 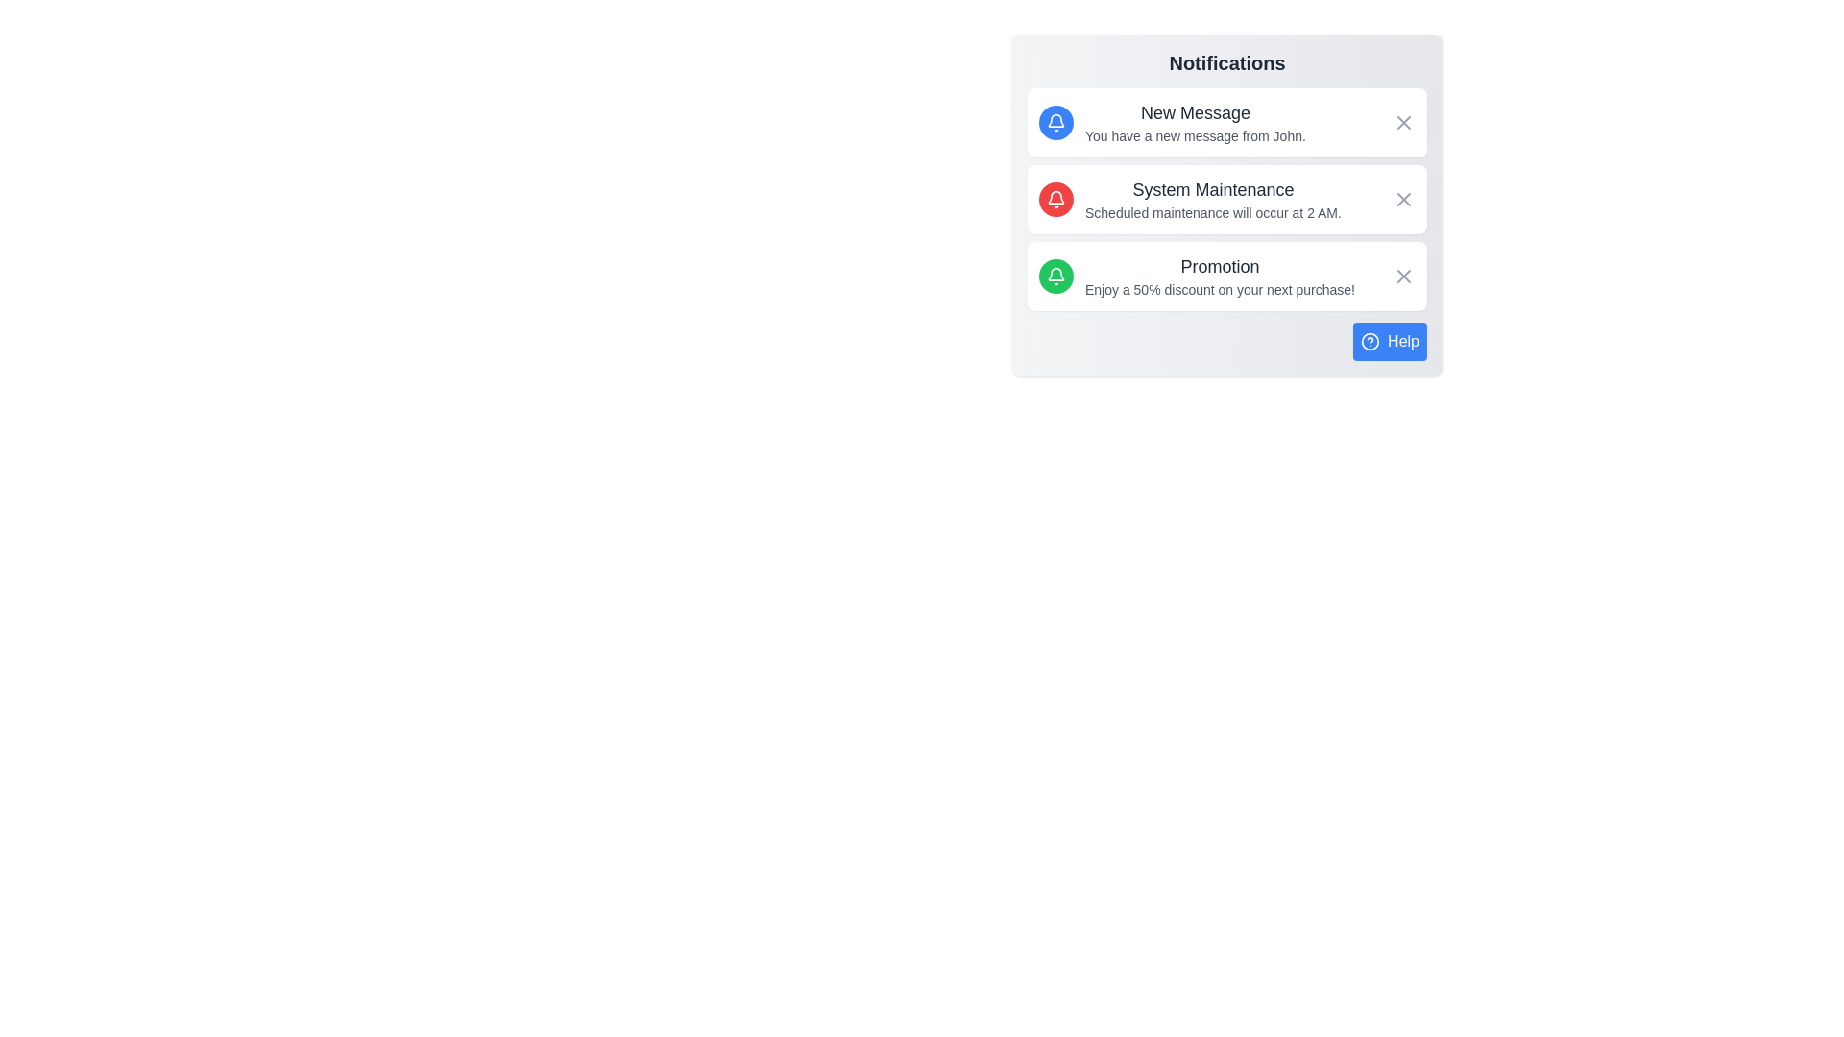 What do you see at coordinates (1055, 122) in the screenshot?
I see `the 'New Message' notification icon, which is located to the far left of the notification row and aligned vertically in the center` at bounding box center [1055, 122].